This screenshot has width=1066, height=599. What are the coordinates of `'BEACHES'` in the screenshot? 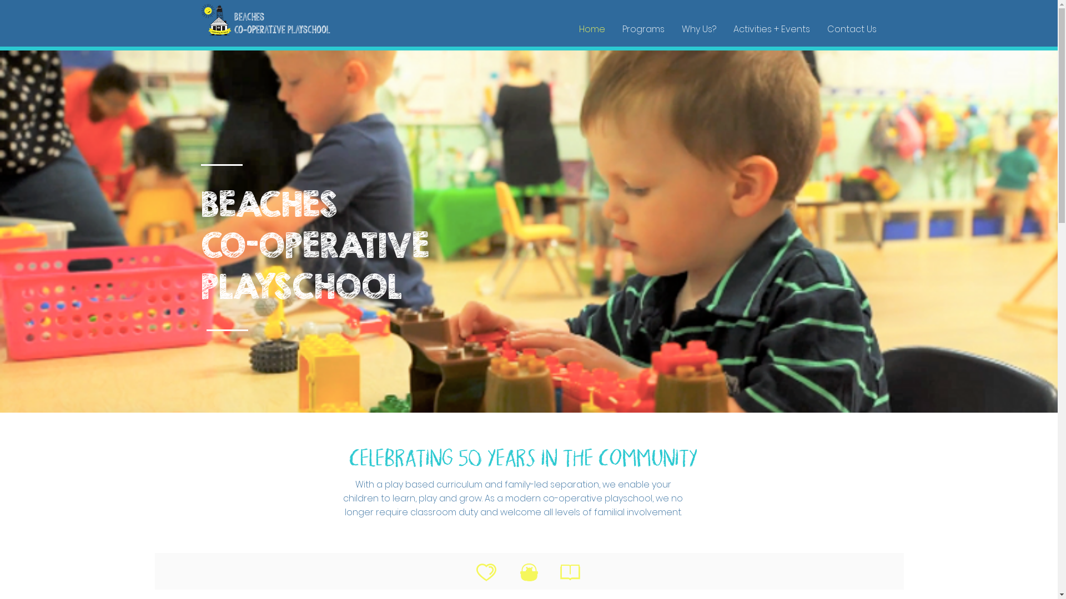 It's located at (269, 204).